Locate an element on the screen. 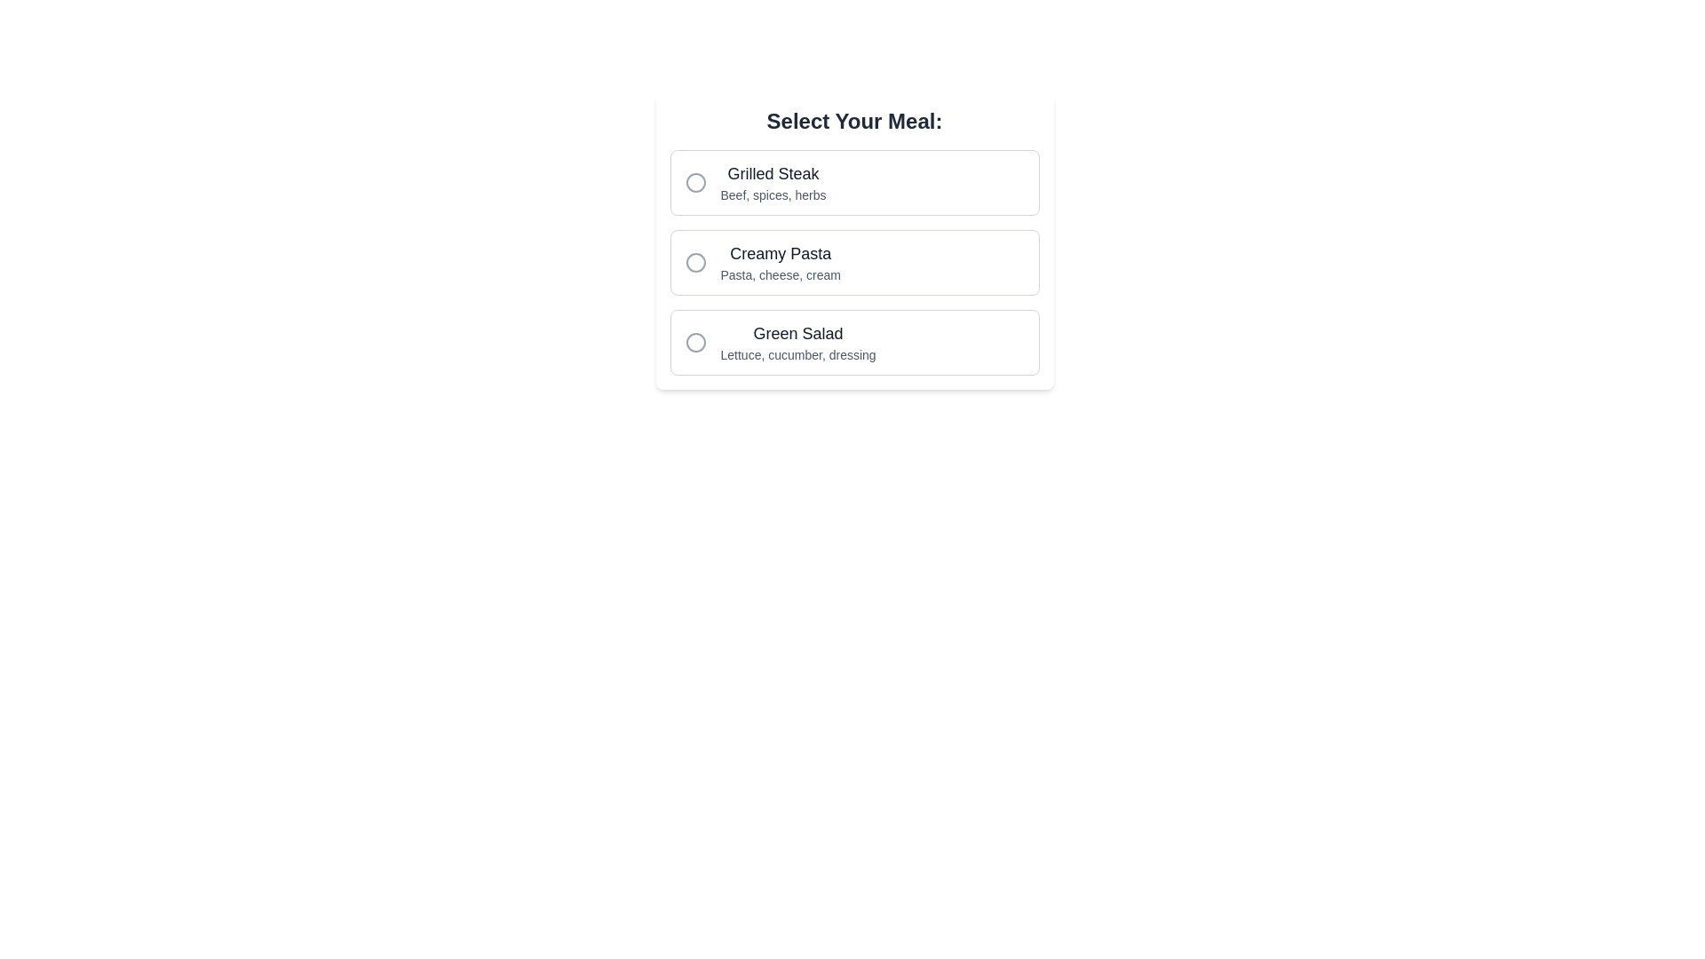 This screenshot has height=959, width=1705. the text label displaying 'Green Salad' which is the third item in the selection menu, positioned below 'Creamy Pasta' is located at coordinates (797, 342).